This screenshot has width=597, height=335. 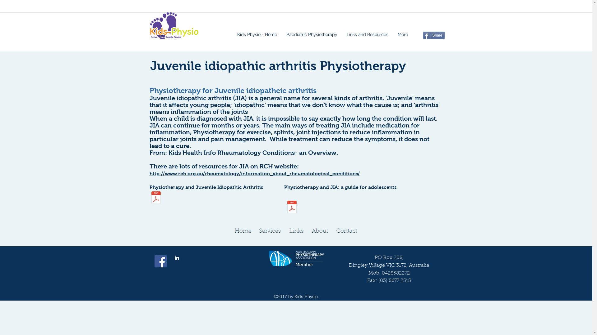 What do you see at coordinates (149, 25) in the screenshot?
I see `'Active, Fun, Mobile service, childrens physiotherapy'` at bounding box center [149, 25].